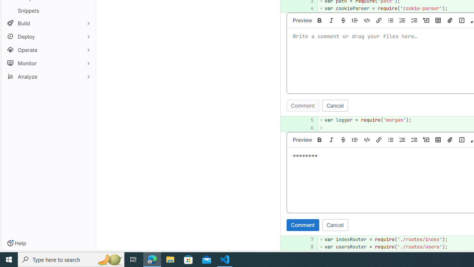 Image resolution: width=474 pixels, height=267 pixels. Describe the element at coordinates (390, 139) in the screenshot. I see `'Add a bullet list'` at that location.